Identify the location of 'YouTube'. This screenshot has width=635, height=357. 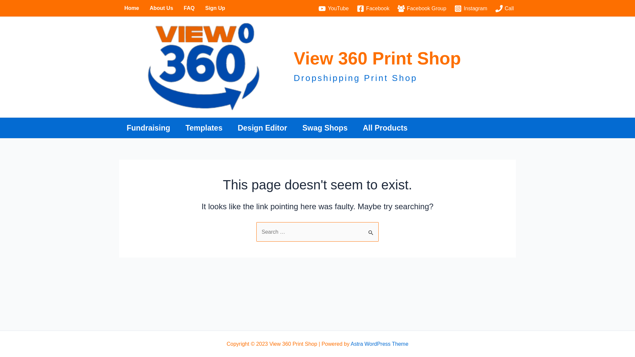
(316, 9).